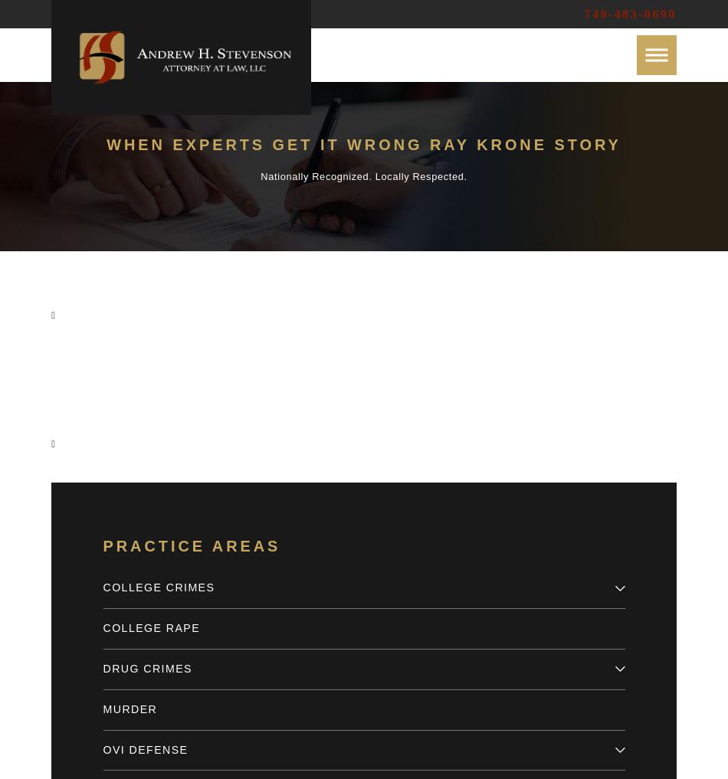 The image size is (728, 779). I want to click on 'To Move Forward', so click(406, 385).